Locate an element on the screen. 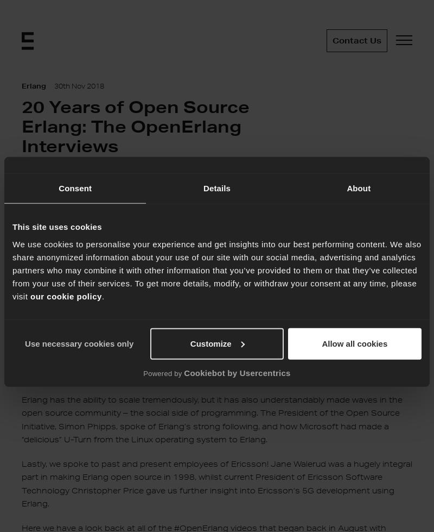 The image size is (434, 532). '20 Years of Open Source Erlang: The OpenErlang Interviews' is located at coordinates (135, 126).